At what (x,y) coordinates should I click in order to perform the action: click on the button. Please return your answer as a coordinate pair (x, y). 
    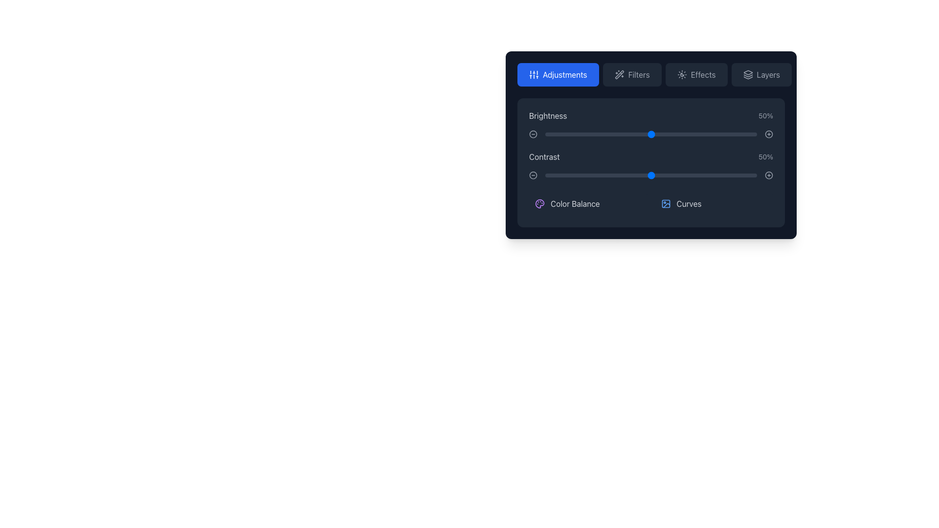
    Looking at the image, I should click on (714, 203).